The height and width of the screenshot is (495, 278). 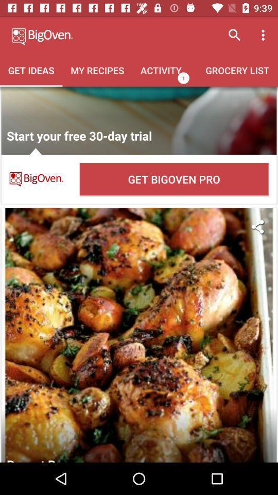 What do you see at coordinates (235, 35) in the screenshot?
I see `the search icon at the top right of the page` at bounding box center [235, 35].